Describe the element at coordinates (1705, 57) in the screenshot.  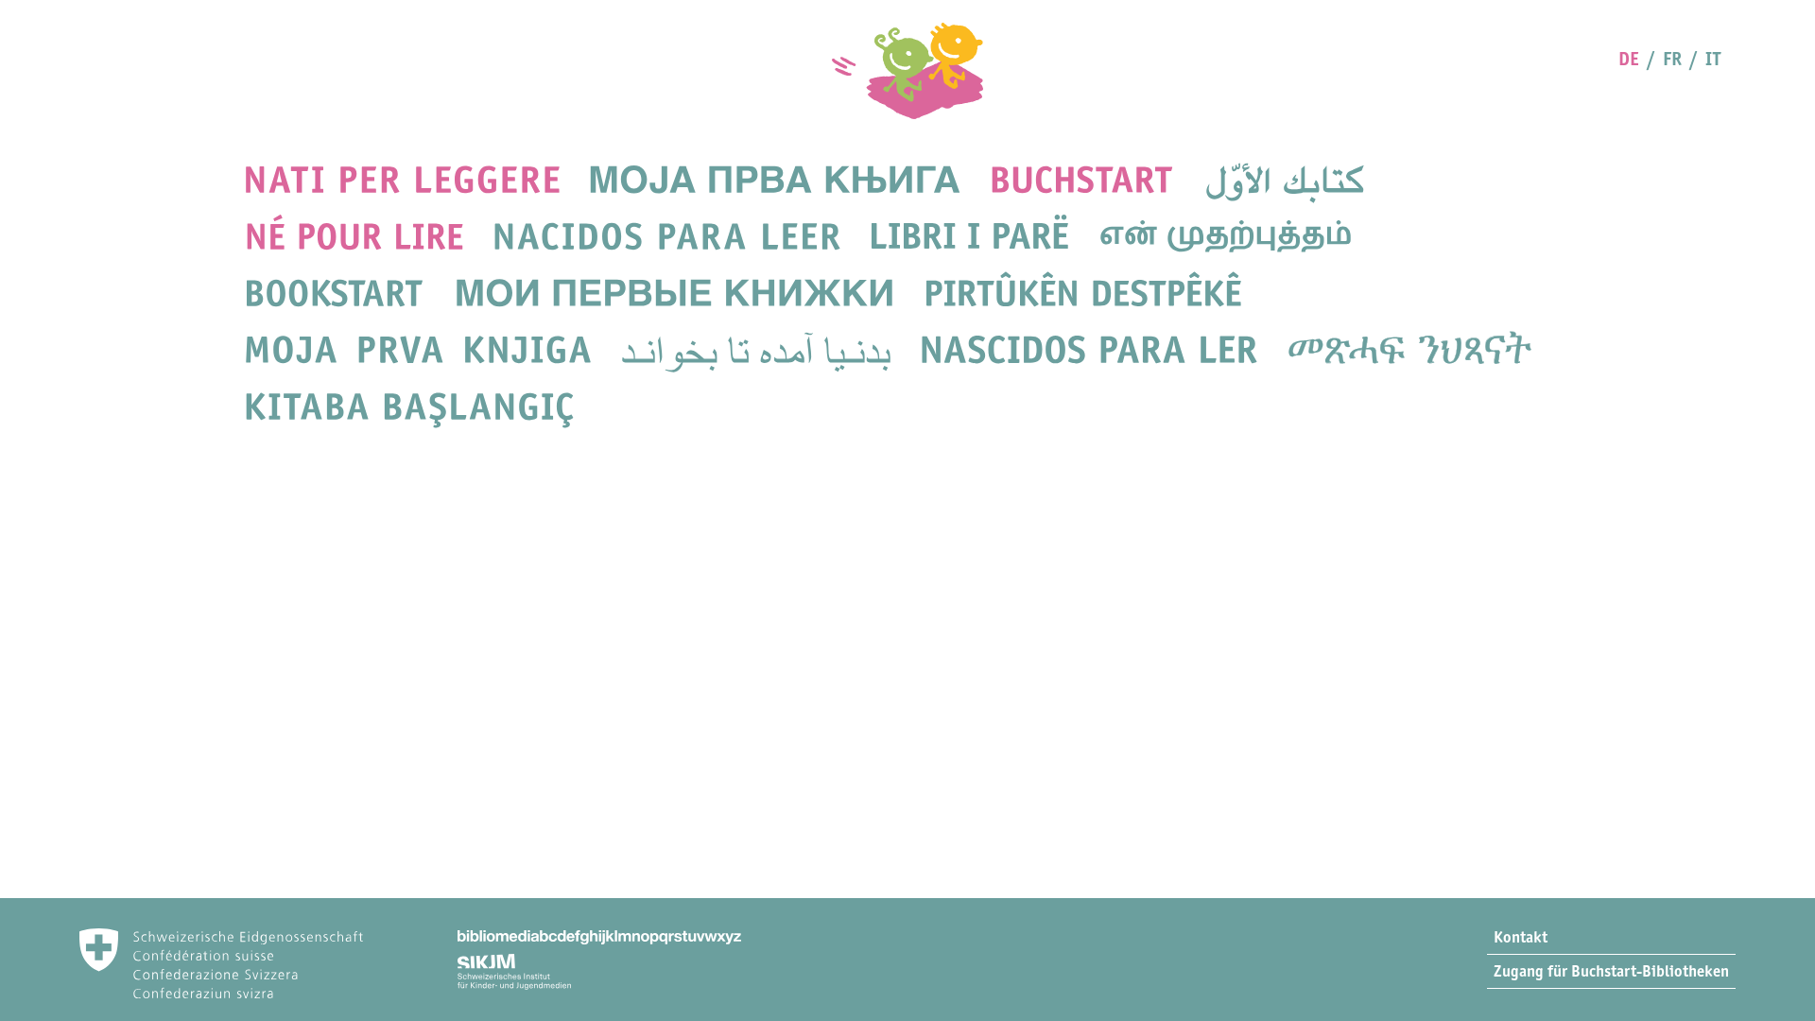
I see `'IT'` at that location.